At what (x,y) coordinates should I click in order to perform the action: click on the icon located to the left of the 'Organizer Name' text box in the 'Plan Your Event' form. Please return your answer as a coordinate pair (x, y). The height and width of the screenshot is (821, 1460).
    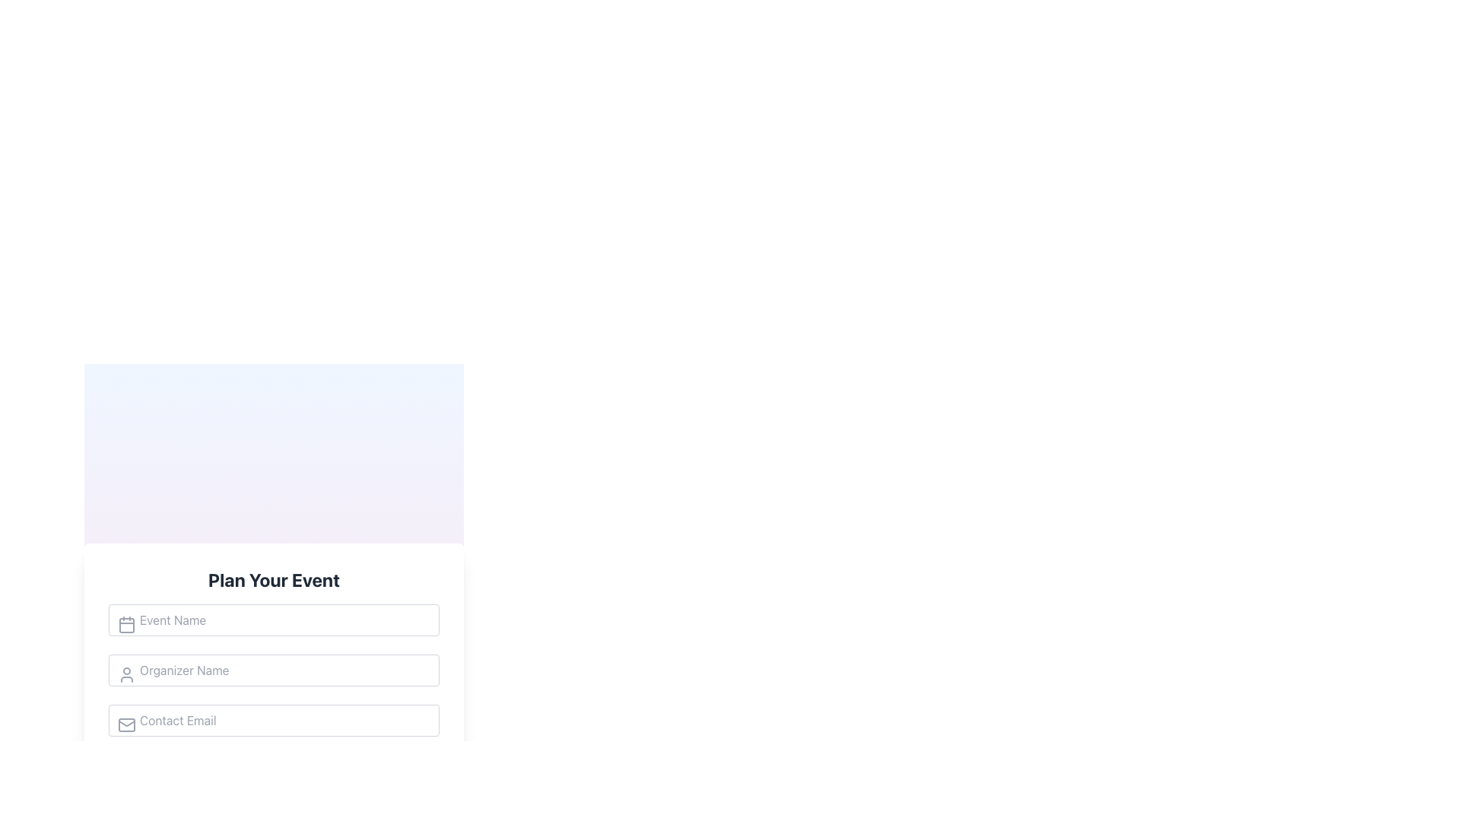
    Looking at the image, I should click on (127, 674).